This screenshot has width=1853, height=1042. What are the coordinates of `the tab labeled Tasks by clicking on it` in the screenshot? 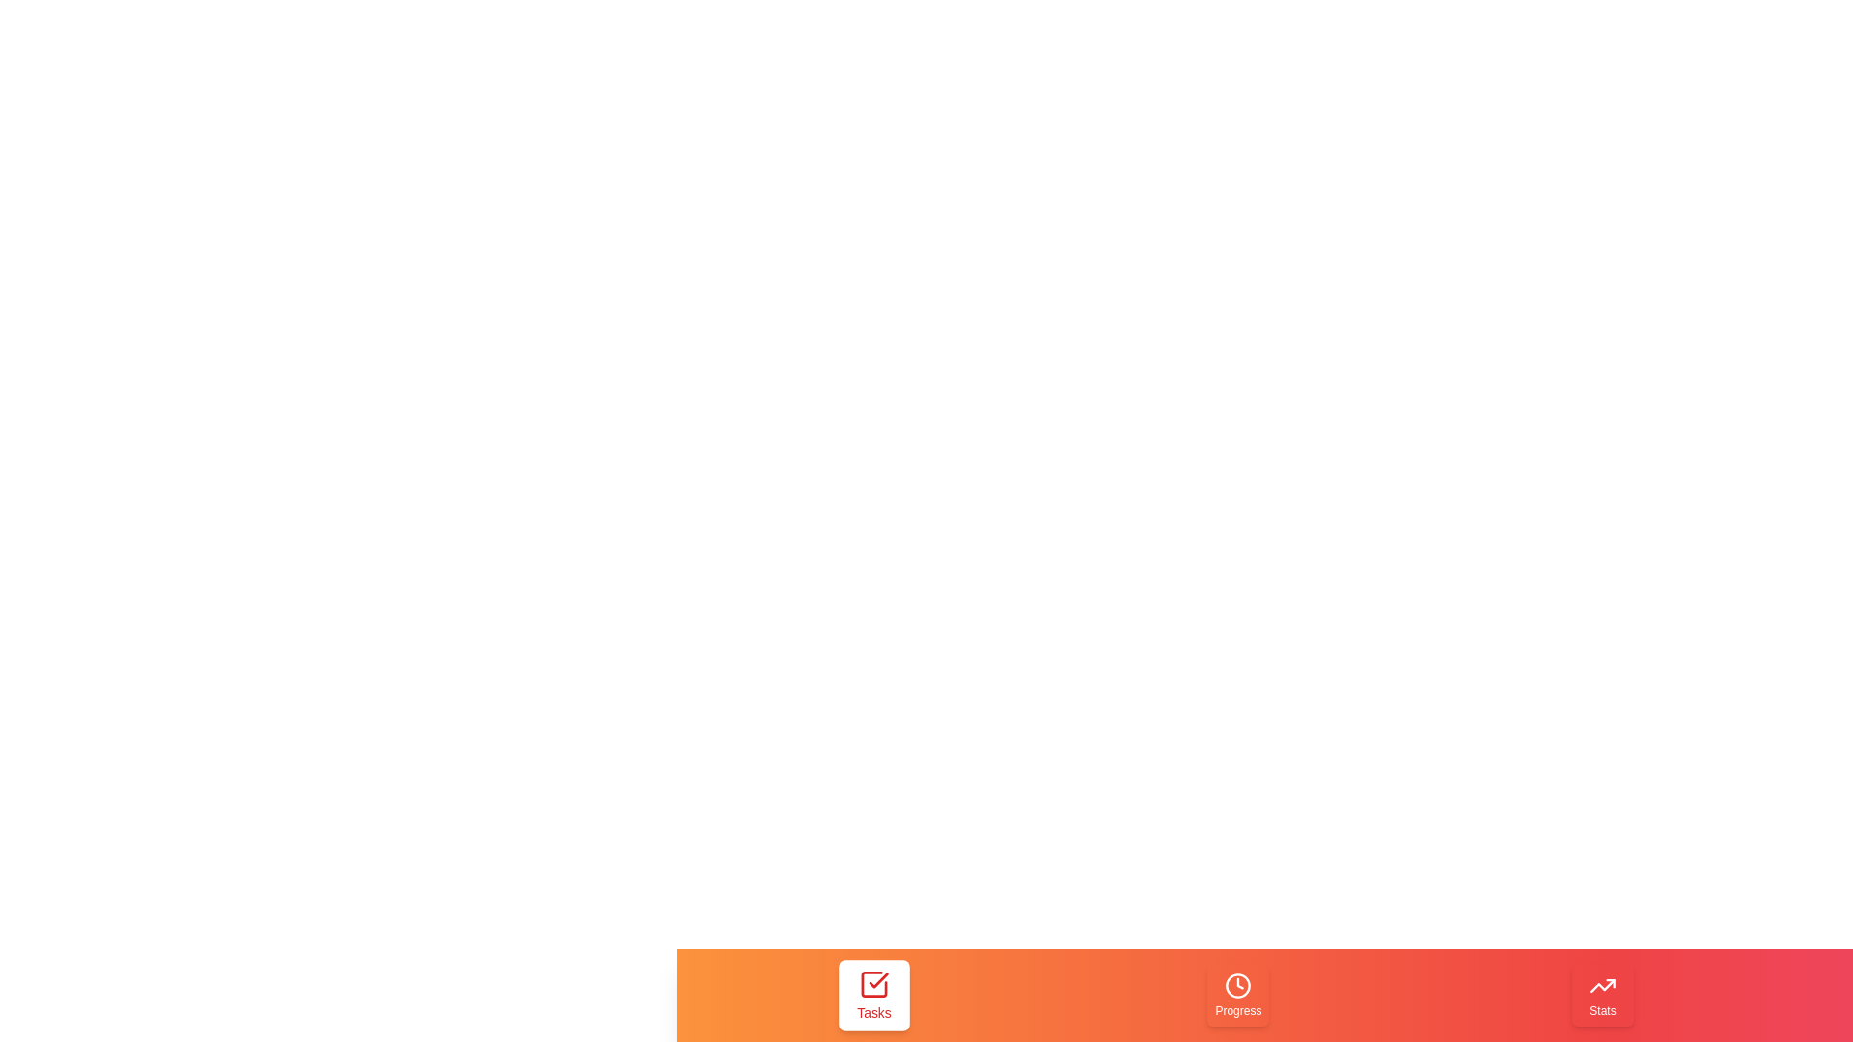 It's located at (872, 996).